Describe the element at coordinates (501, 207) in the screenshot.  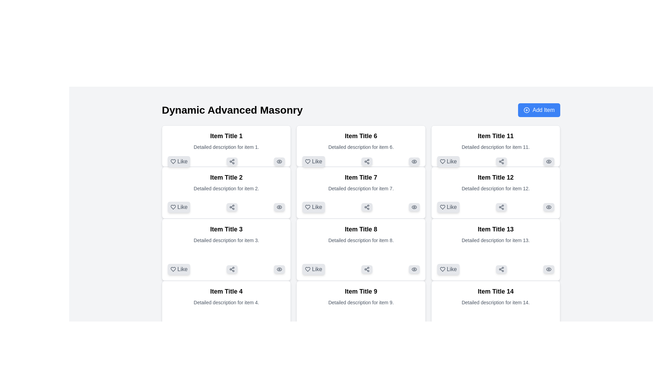
I see `the icon button resembling a connected nodes or share symbol located at the bottom-right corner of the card titled 'Item Title 12'` at that location.